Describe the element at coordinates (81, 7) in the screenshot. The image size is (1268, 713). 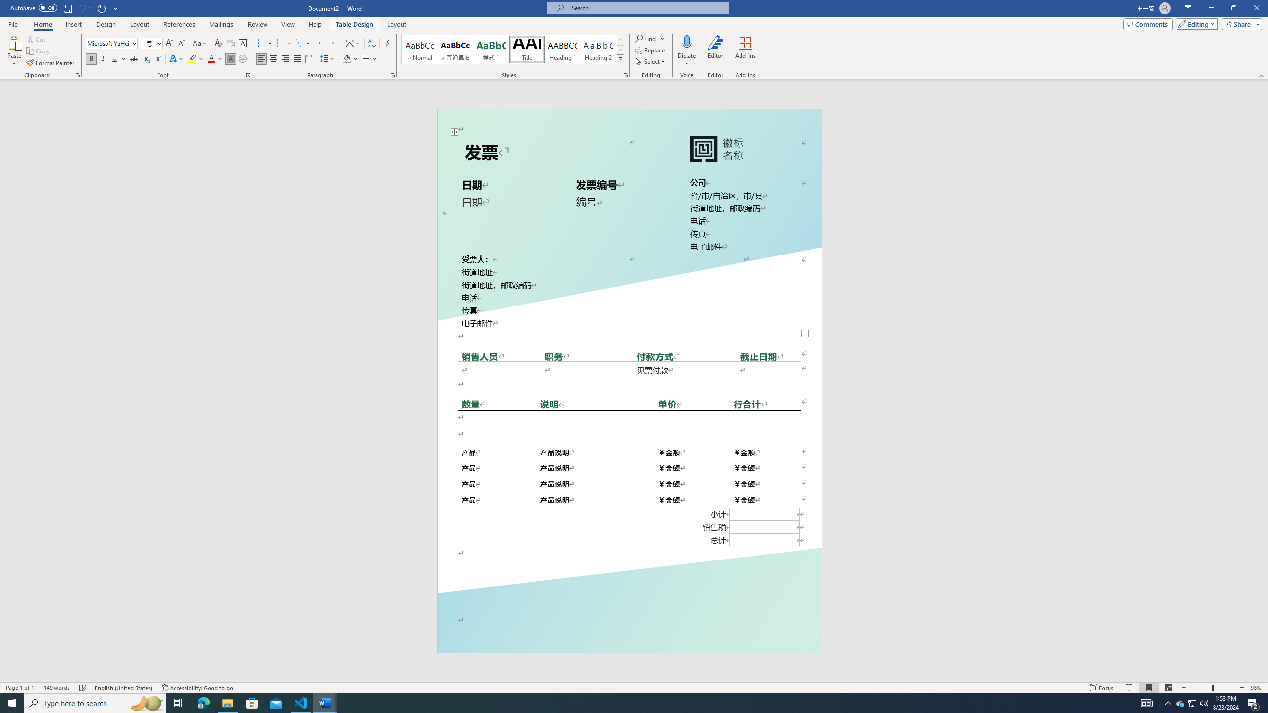
I see `'Can'` at that location.